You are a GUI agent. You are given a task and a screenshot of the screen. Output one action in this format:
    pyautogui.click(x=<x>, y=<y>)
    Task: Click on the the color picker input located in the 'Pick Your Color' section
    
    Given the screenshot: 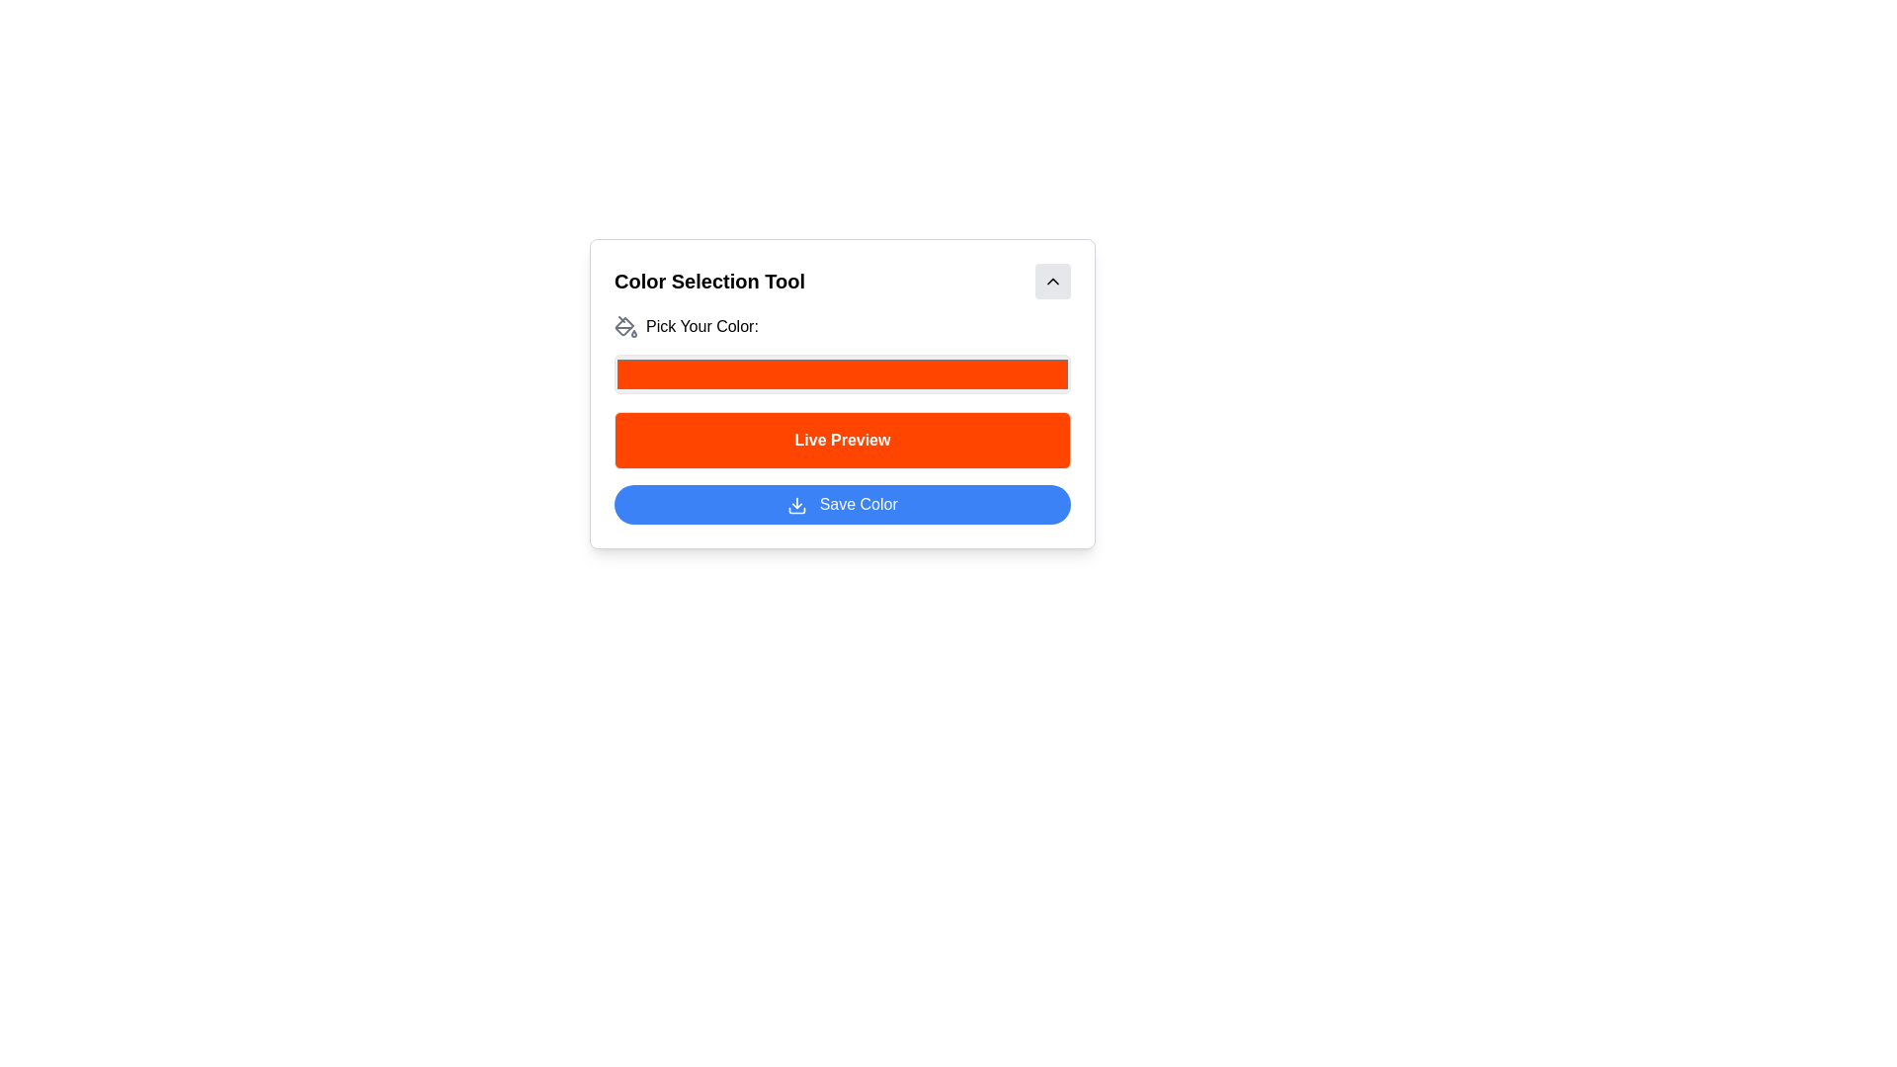 What is the action you would take?
    pyautogui.click(x=843, y=373)
    